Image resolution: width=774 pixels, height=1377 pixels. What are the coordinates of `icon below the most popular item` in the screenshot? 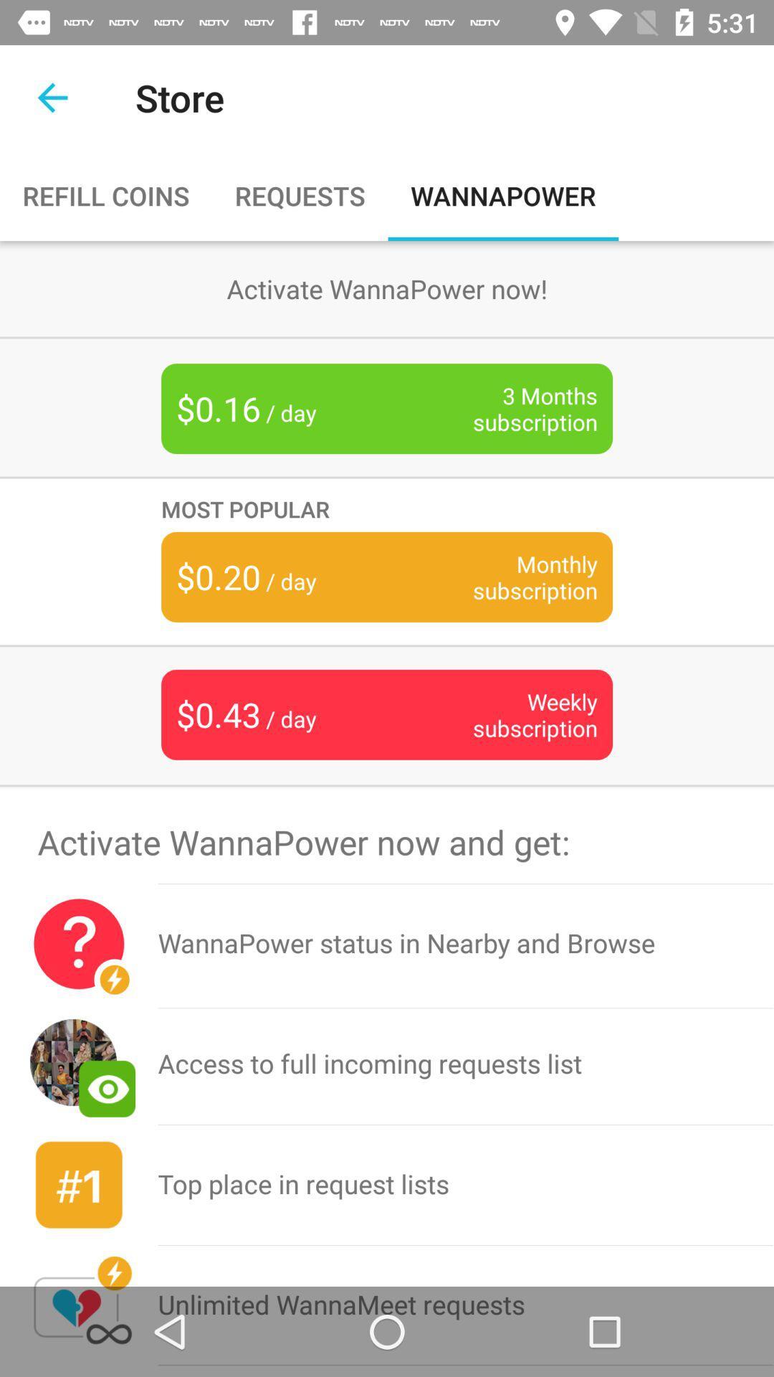 It's located at (512, 577).